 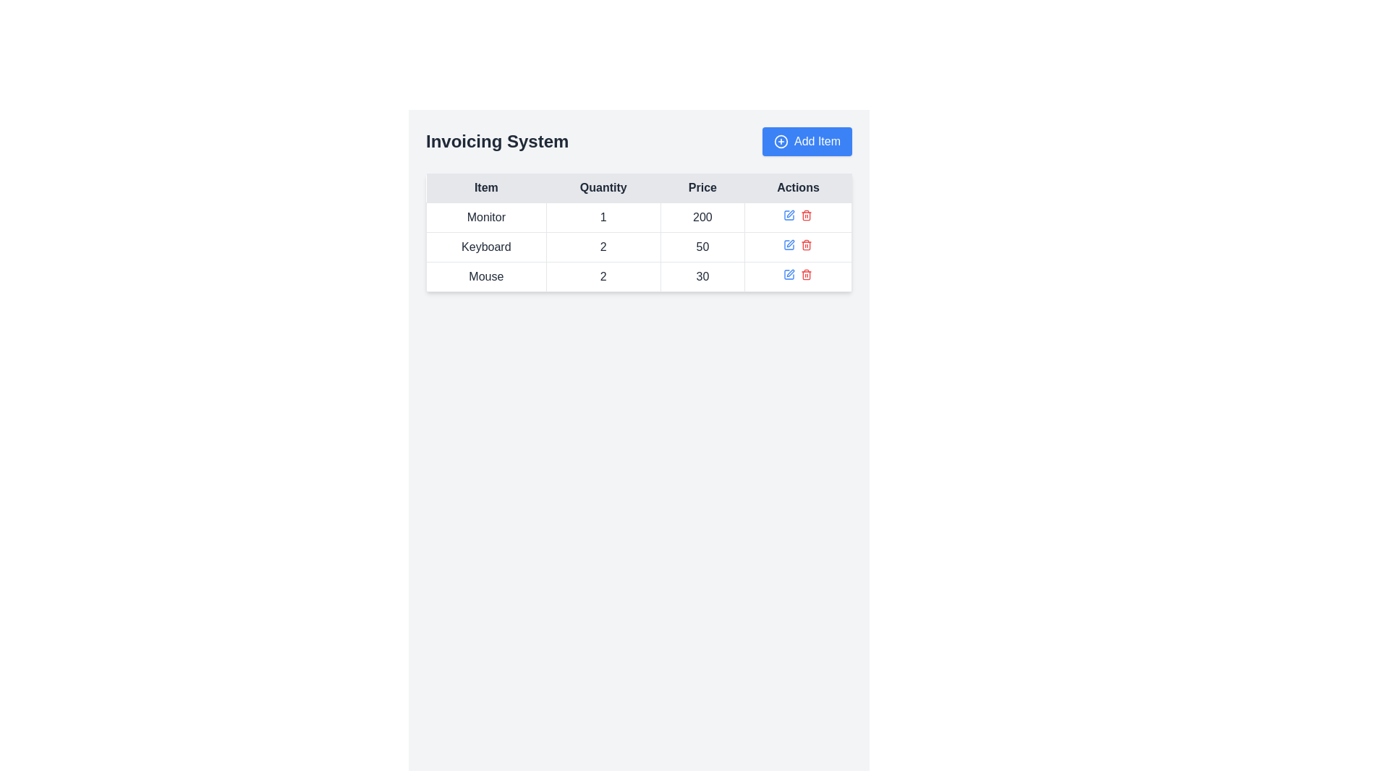 I want to click on displayed price value of the 'Monitor' item from the third cell in the price column of the table, so click(x=702, y=217).